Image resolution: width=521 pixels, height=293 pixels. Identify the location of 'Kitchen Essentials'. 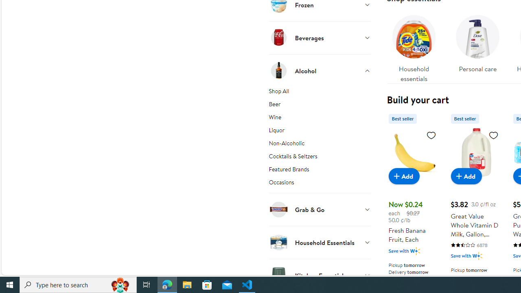
(319, 275).